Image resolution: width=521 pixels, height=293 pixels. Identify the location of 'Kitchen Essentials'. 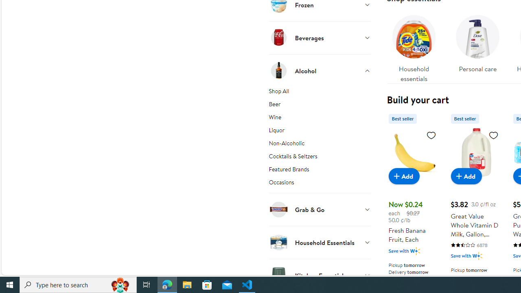
(319, 275).